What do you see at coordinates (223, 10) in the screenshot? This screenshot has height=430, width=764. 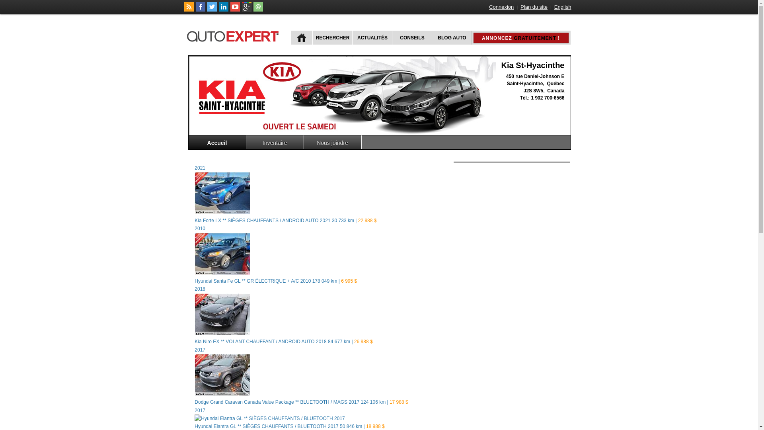 I see `'Suivez Publications Le Guide Inc. sur LinkedIn'` at bounding box center [223, 10].